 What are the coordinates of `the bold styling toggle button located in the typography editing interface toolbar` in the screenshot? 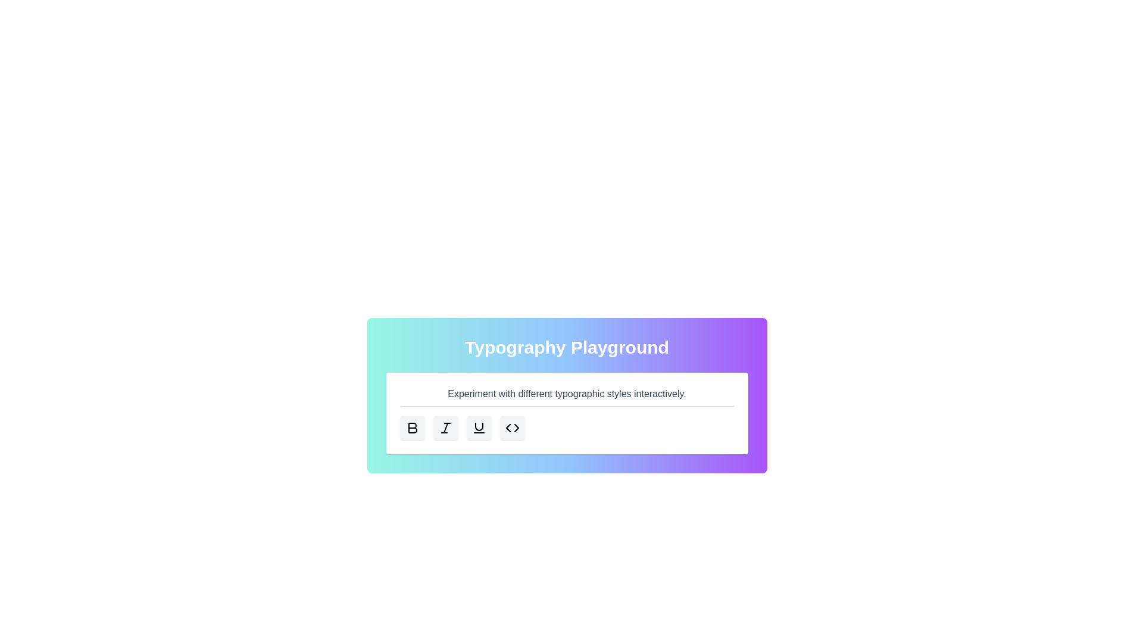 It's located at (412, 427).